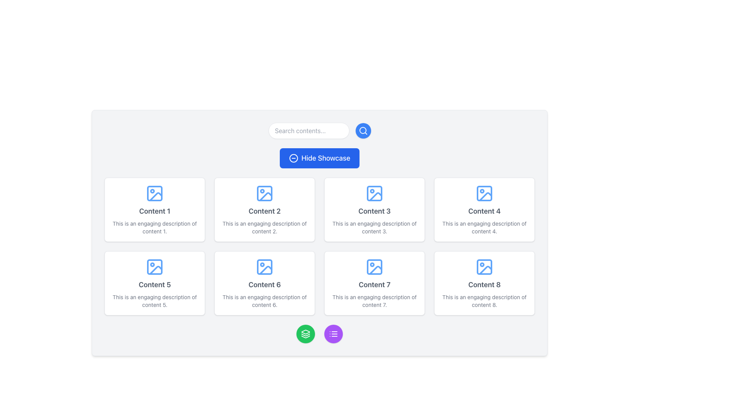 The width and height of the screenshot is (743, 418). I want to click on the leftmost circular button with a green background and a white icon depicting layered squares, so click(305, 334).